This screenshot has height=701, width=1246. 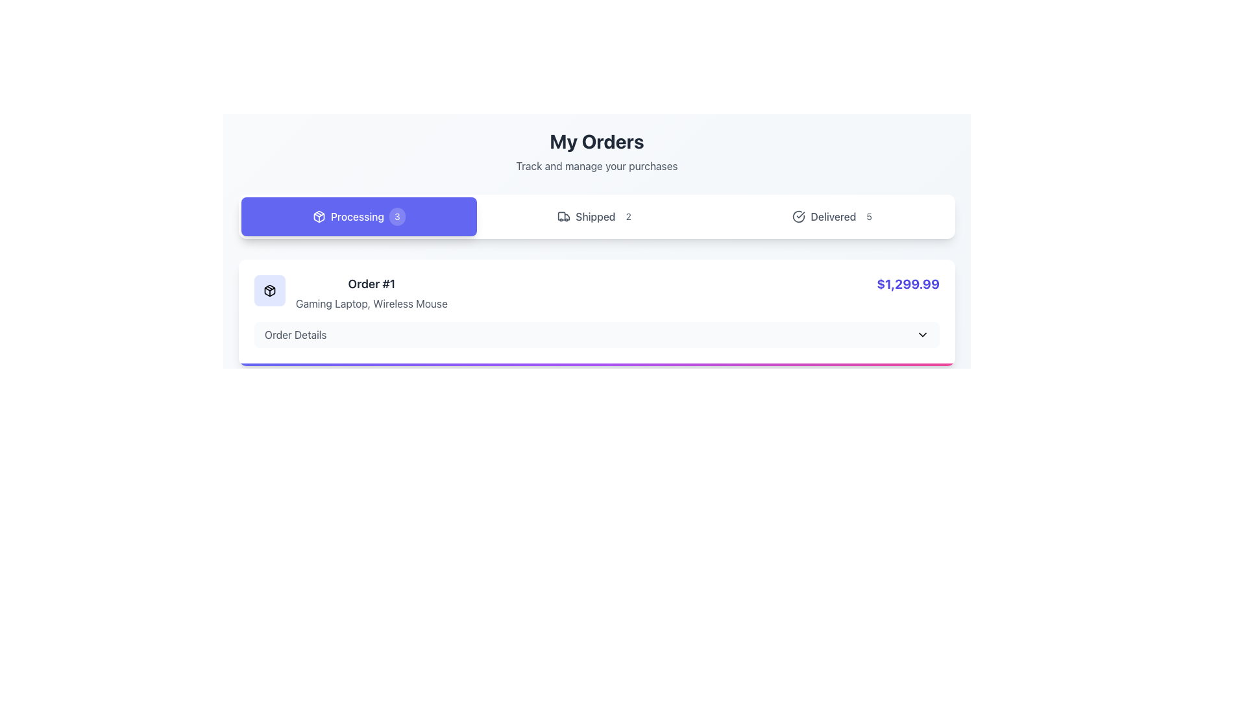 I want to click on the 'Shipped' status button, which is the second button in a series of three status buttons located below the 'My Orders' title, so click(x=596, y=216).